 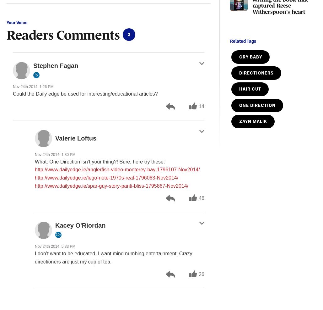 I want to click on 'I don’t want to be educated, I want mind numbing entertainment. Crazy directioners are just my cup of tea.', so click(x=35, y=257).